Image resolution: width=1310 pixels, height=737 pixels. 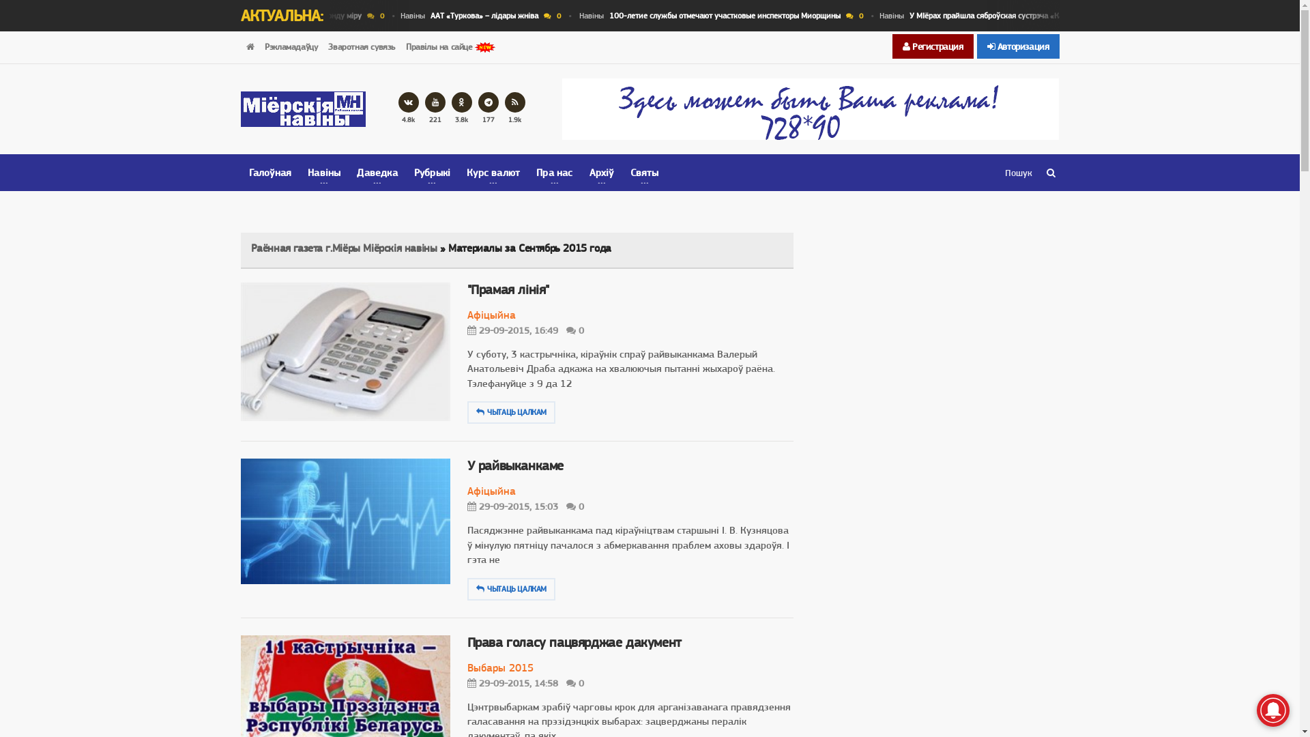 What do you see at coordinates (566, 330) in the screenshot?
I see `'0'` at bounding box center [566, 330].